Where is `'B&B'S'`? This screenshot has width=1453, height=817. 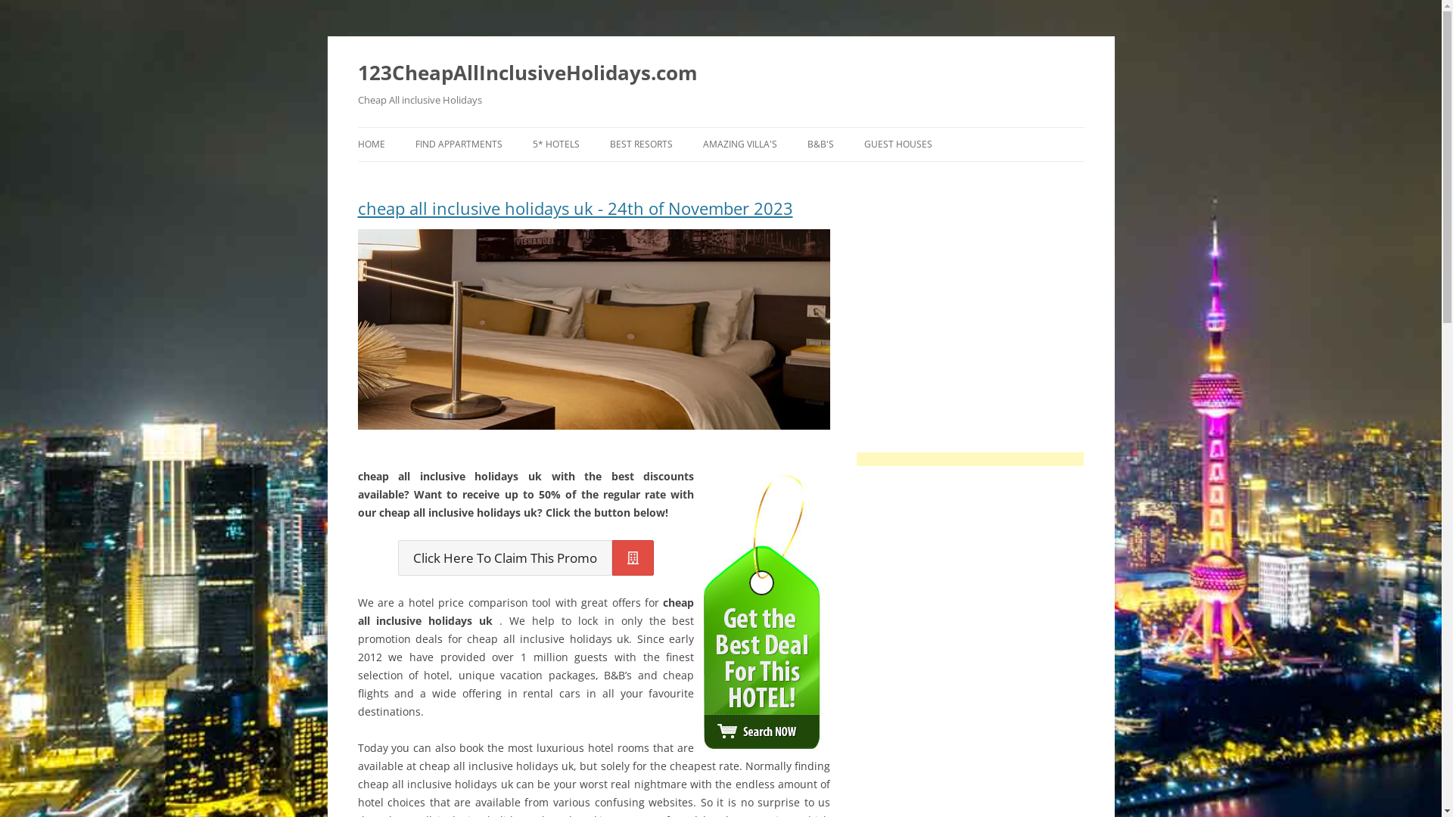 'B&B'S' is located at coordinates (819, 144).